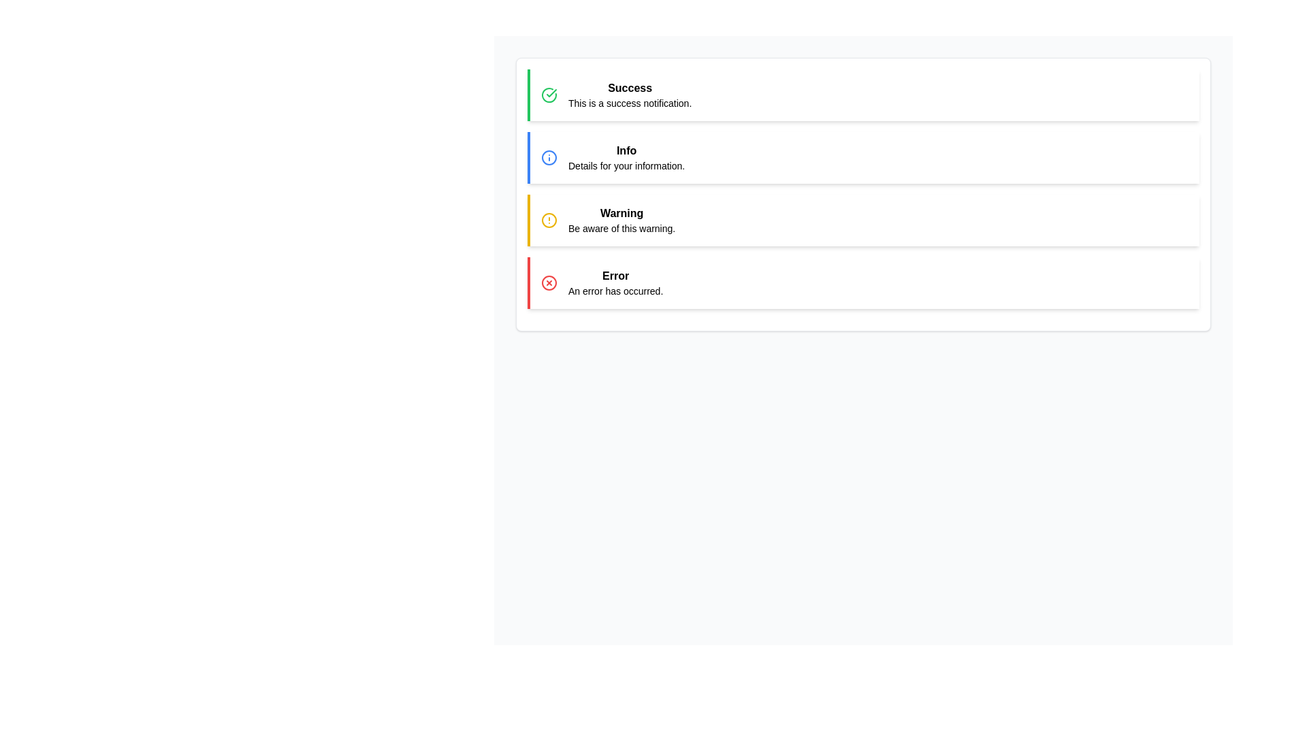 Image resolution: width=1307 pixels, height=735 pixels. Describe the element at coordinates (862, 157) in the screenshot. I see `the second notification card in the vertically stacked list of notifications, which is situated between the 'Success' and 'Warning' notifications` at that location.